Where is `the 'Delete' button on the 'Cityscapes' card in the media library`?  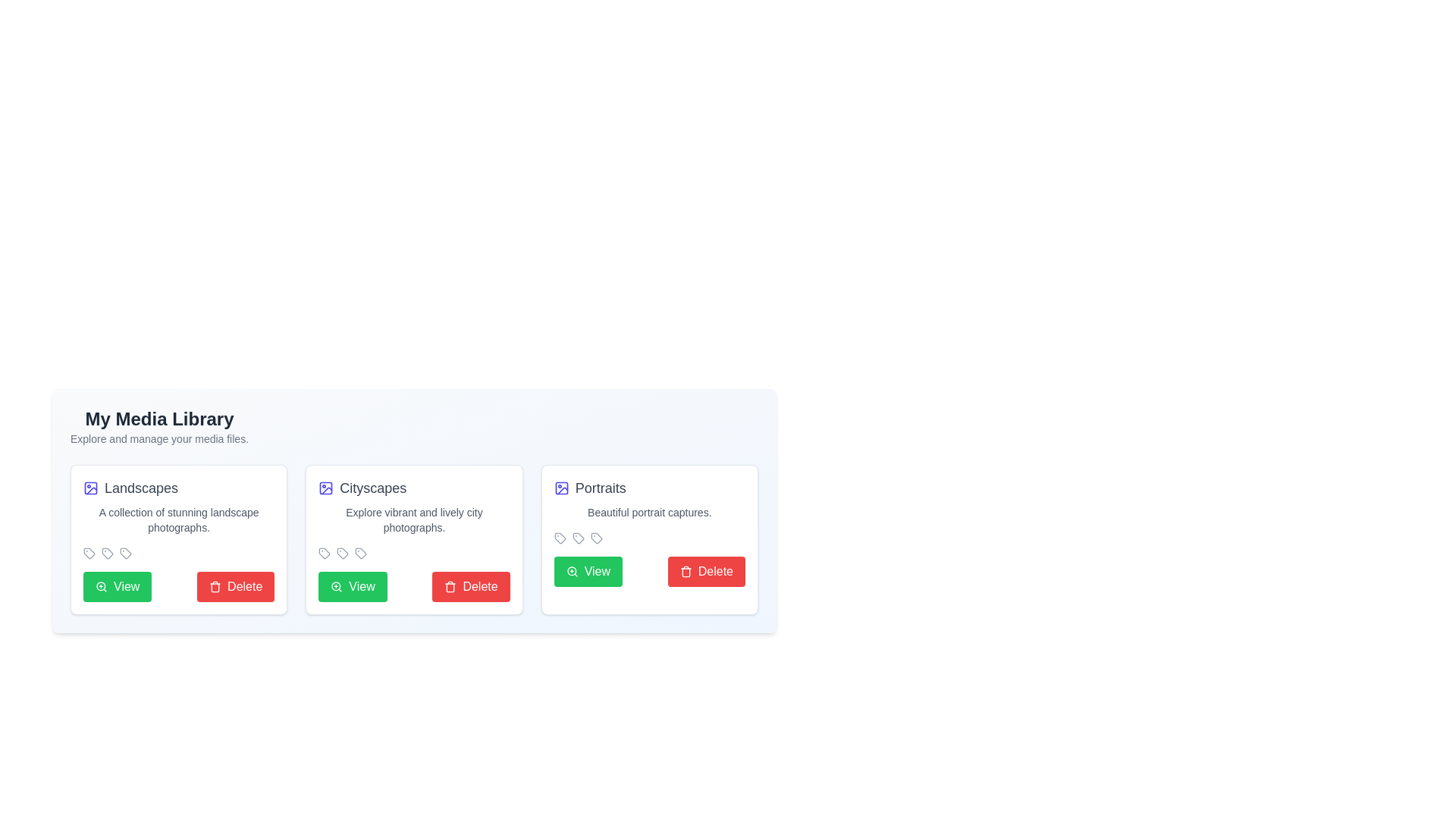 the 'Delete' button on the 'Cityscapes' card in the media library is located at coordinates (414, 539).